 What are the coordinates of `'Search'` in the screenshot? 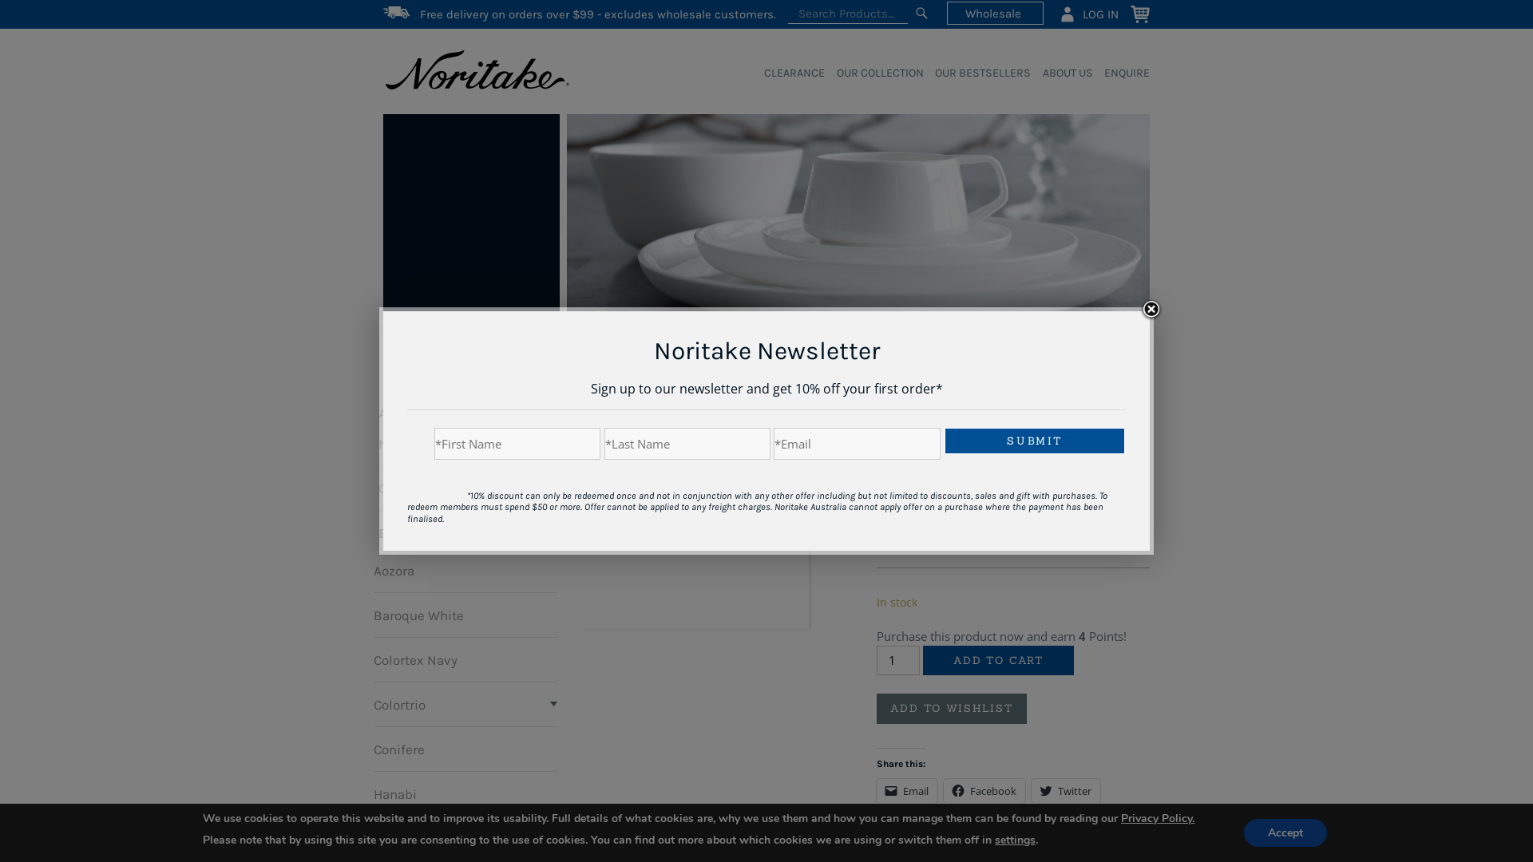 It's located at (921, 13).